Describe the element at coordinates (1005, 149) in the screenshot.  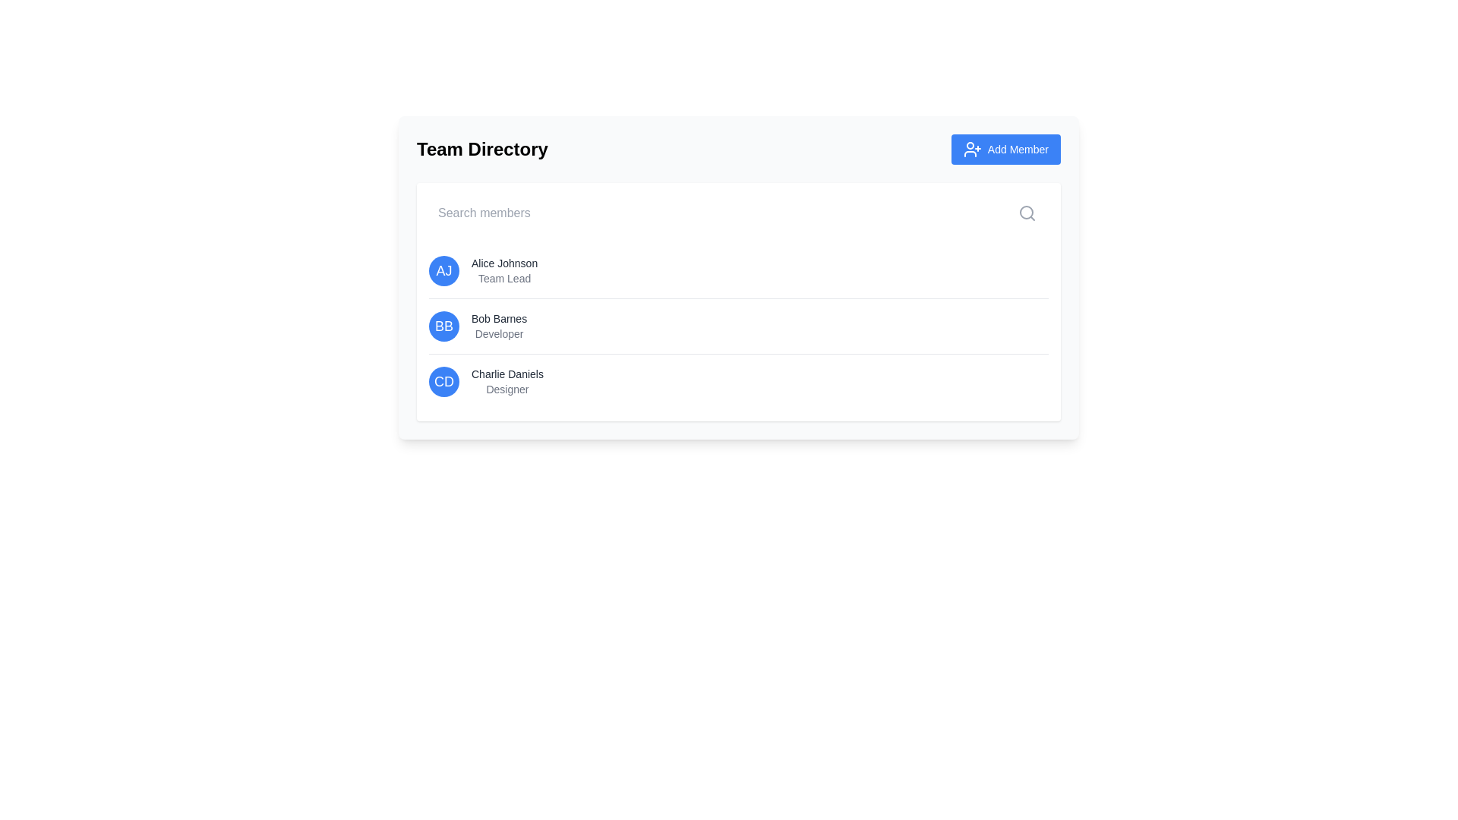
I see `the rectangular button with a blue background and white text reading 'Add Member' located in the upper-right corner of the 'Team Directory' section` at that location.